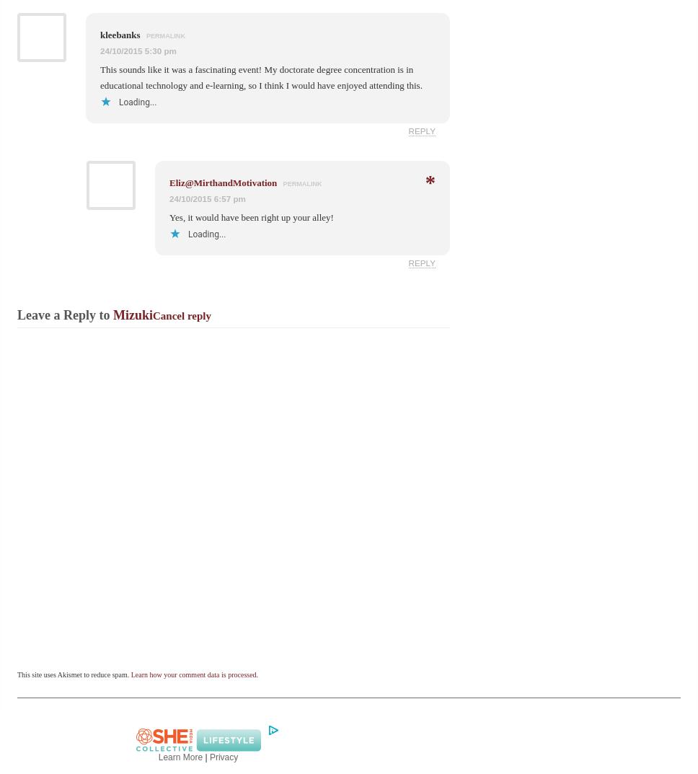 The width and height of the screenshot is (698, 774). What do you see at coordinates (205, 756) in the screenshot?
I see `'|'` at bounding box center [205, 756].